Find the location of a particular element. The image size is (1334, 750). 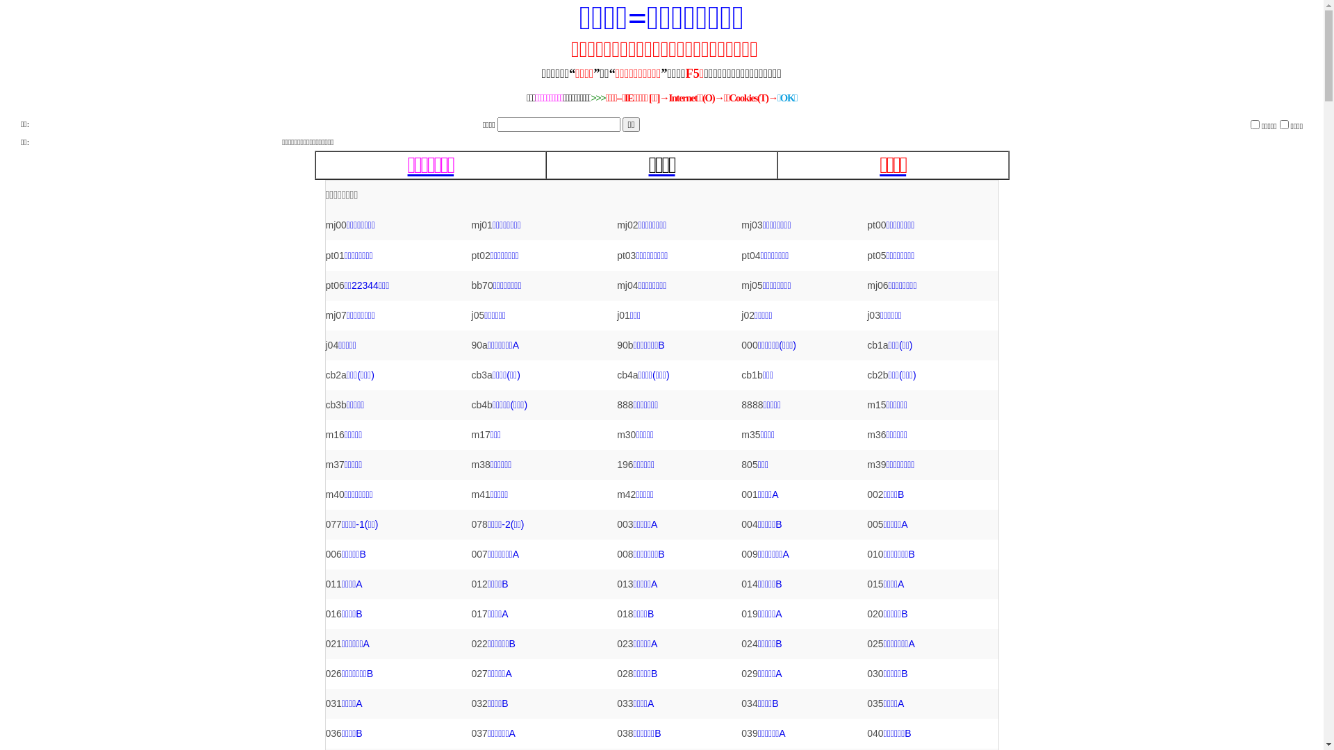

'm30' is located at coordinates (625, 433).